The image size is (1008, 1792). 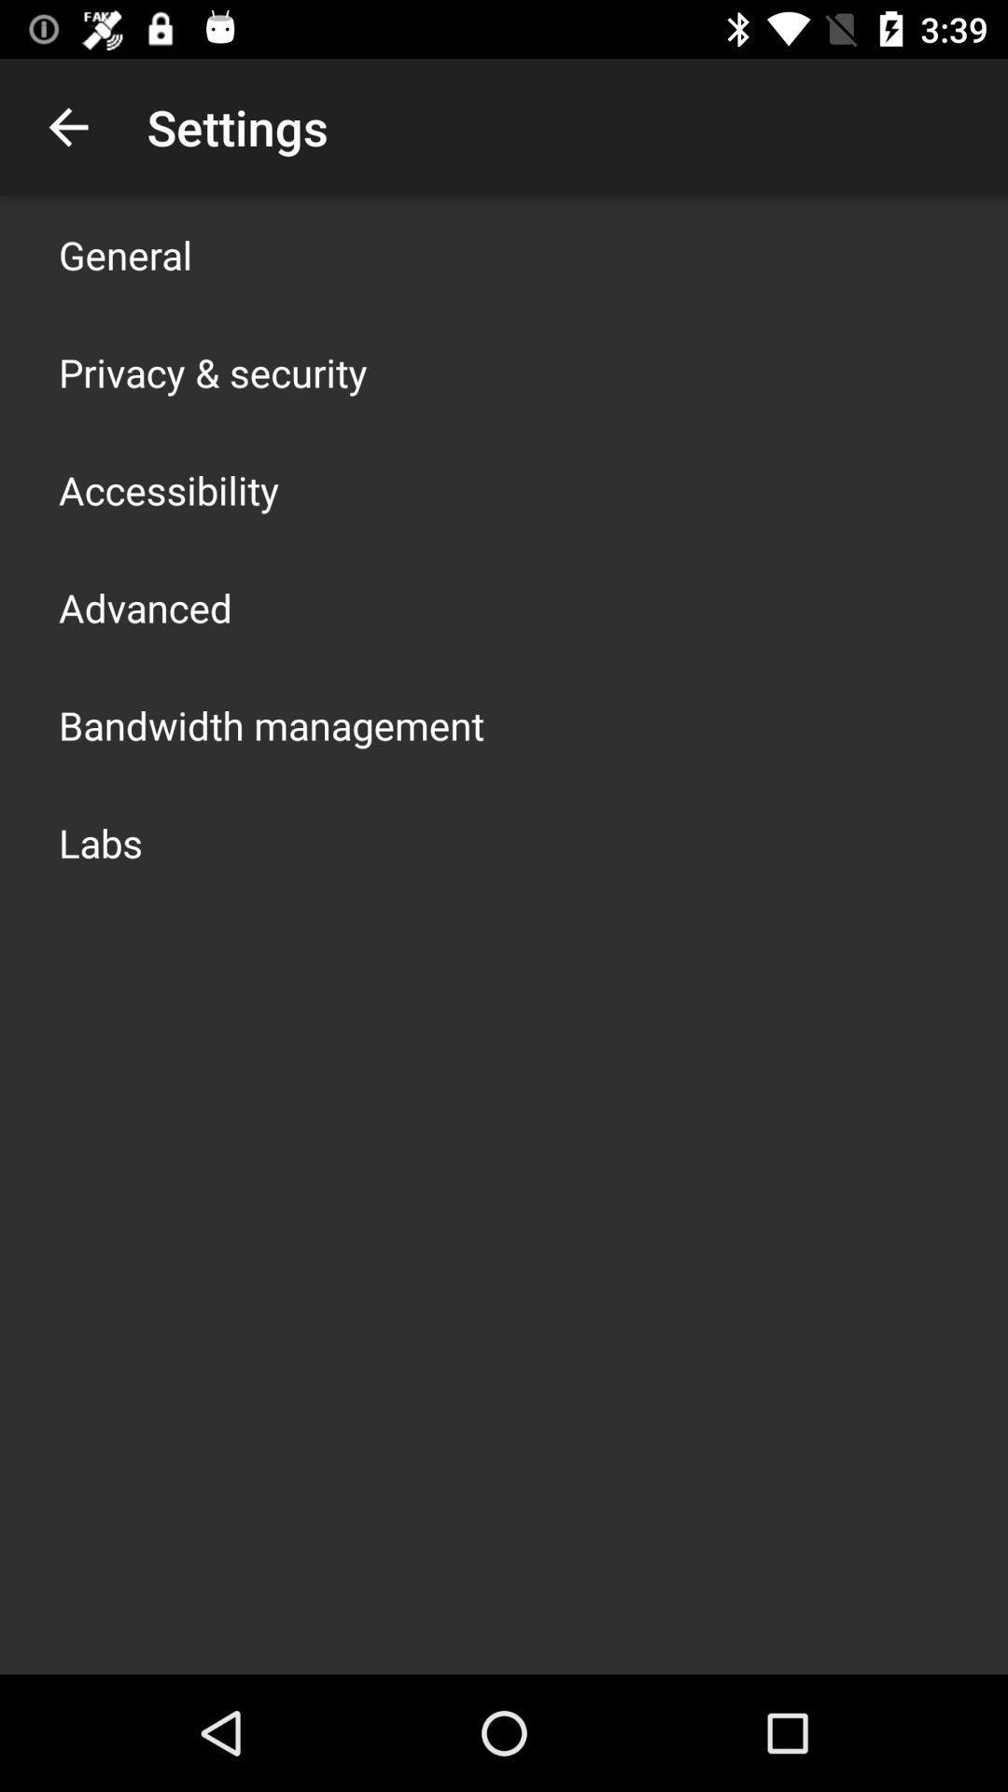 I want to click on general icon, so click(x=125, y=254).